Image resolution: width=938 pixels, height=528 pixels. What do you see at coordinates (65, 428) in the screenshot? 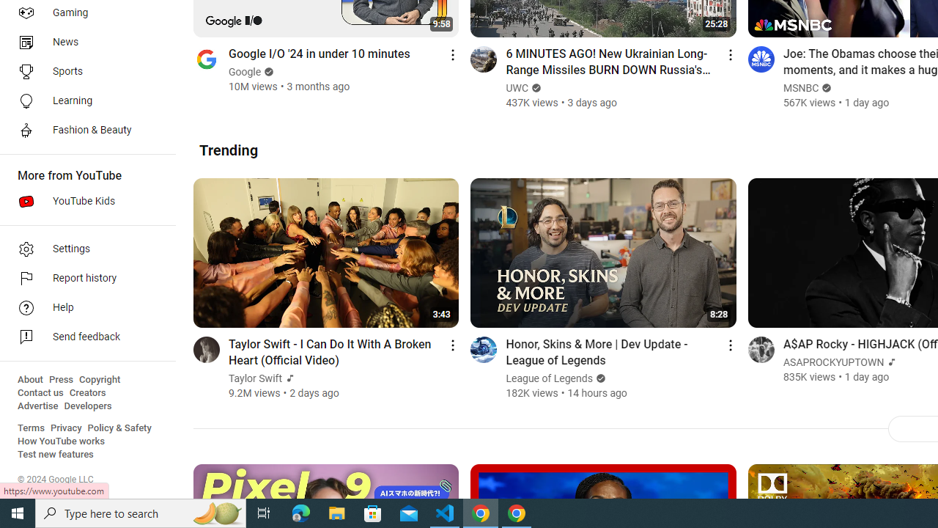
I see `'Privacy'` at bounding box center [65, 428].